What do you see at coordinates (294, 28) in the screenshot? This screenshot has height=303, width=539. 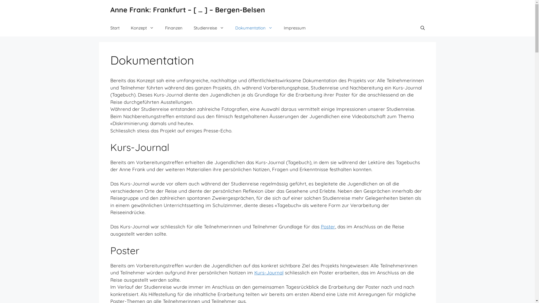 I see `'Impressum'` at bounding box center [294, 28].